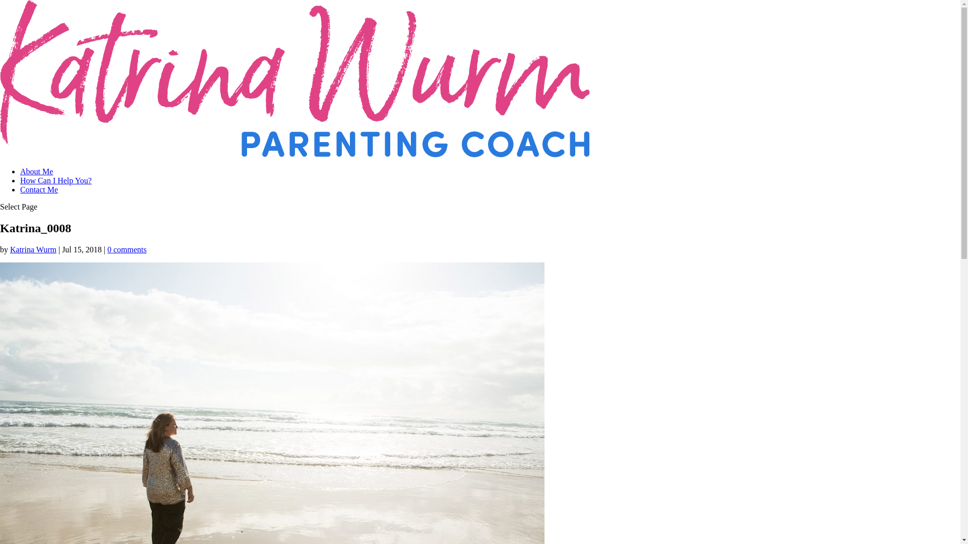 The height and width of the screenshot is (544, 968). Describe the element at coordinates (126, 249) in the screenshot. I see `'0 comments'` at that location.